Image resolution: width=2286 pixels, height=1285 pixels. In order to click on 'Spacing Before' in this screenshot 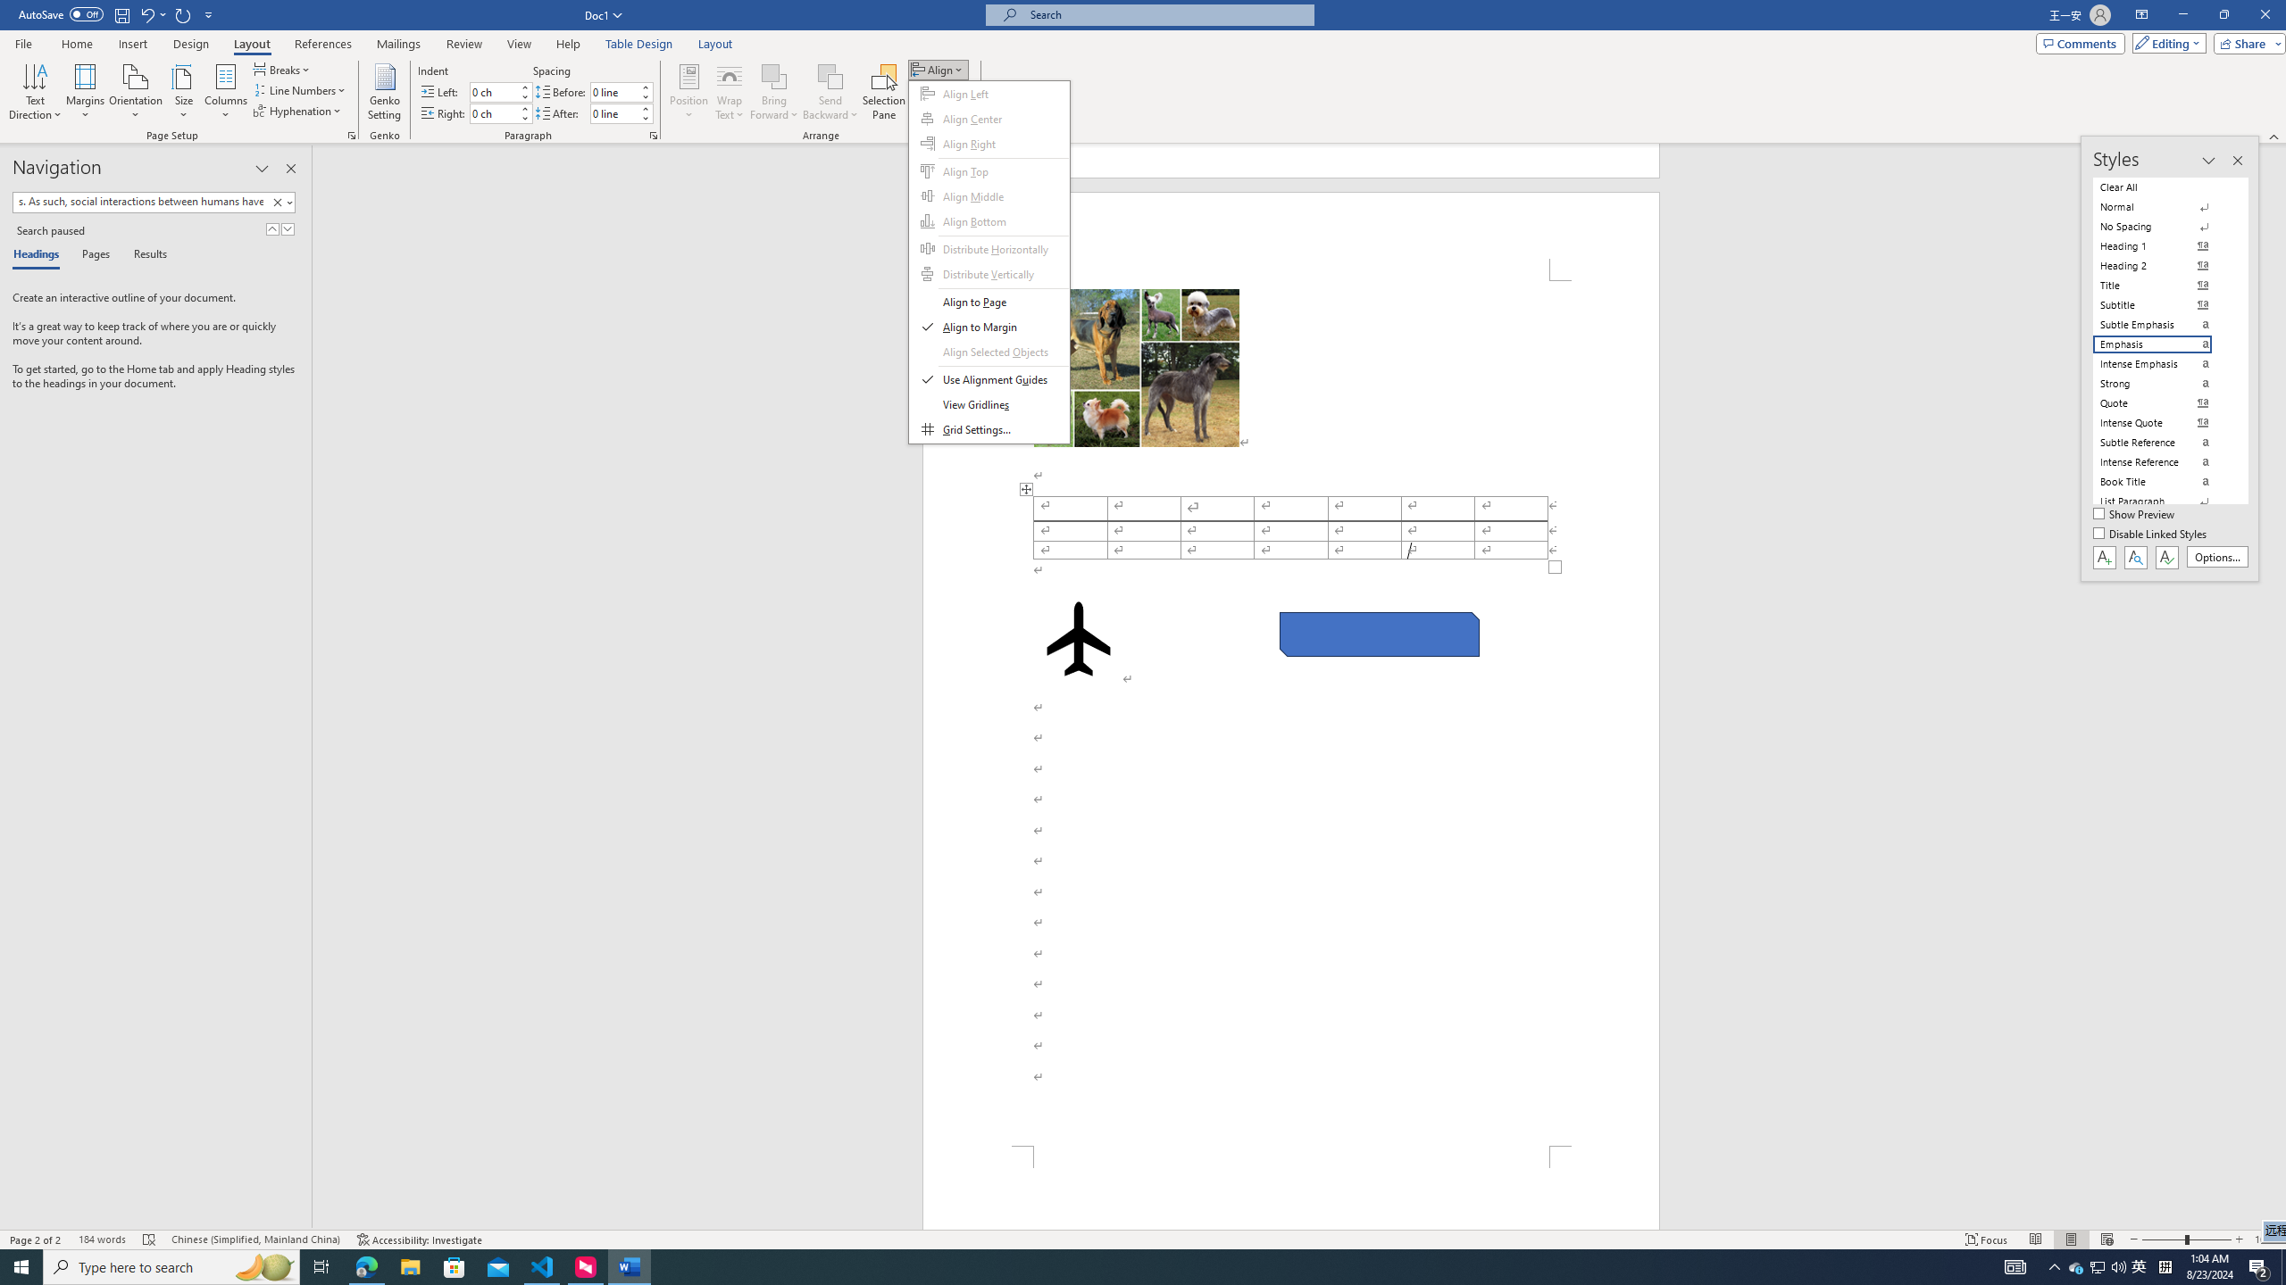, I will do `click(614, 91)`.